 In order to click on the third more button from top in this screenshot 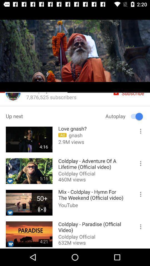, I will do `click(138, 195)`.